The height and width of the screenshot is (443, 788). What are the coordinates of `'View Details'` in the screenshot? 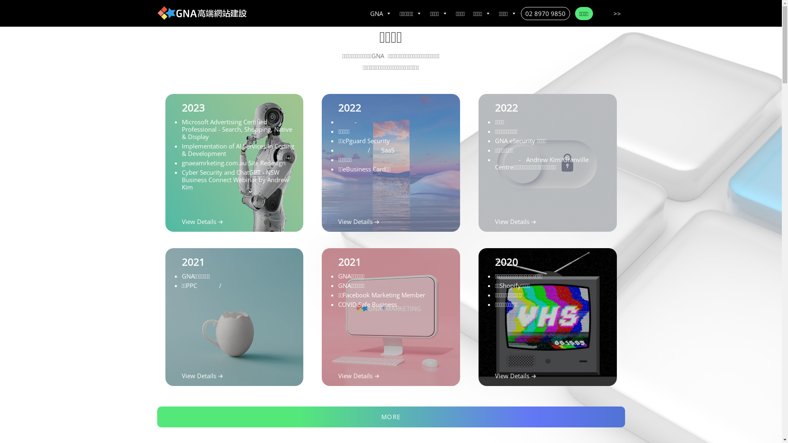 It's located at (355, 221).